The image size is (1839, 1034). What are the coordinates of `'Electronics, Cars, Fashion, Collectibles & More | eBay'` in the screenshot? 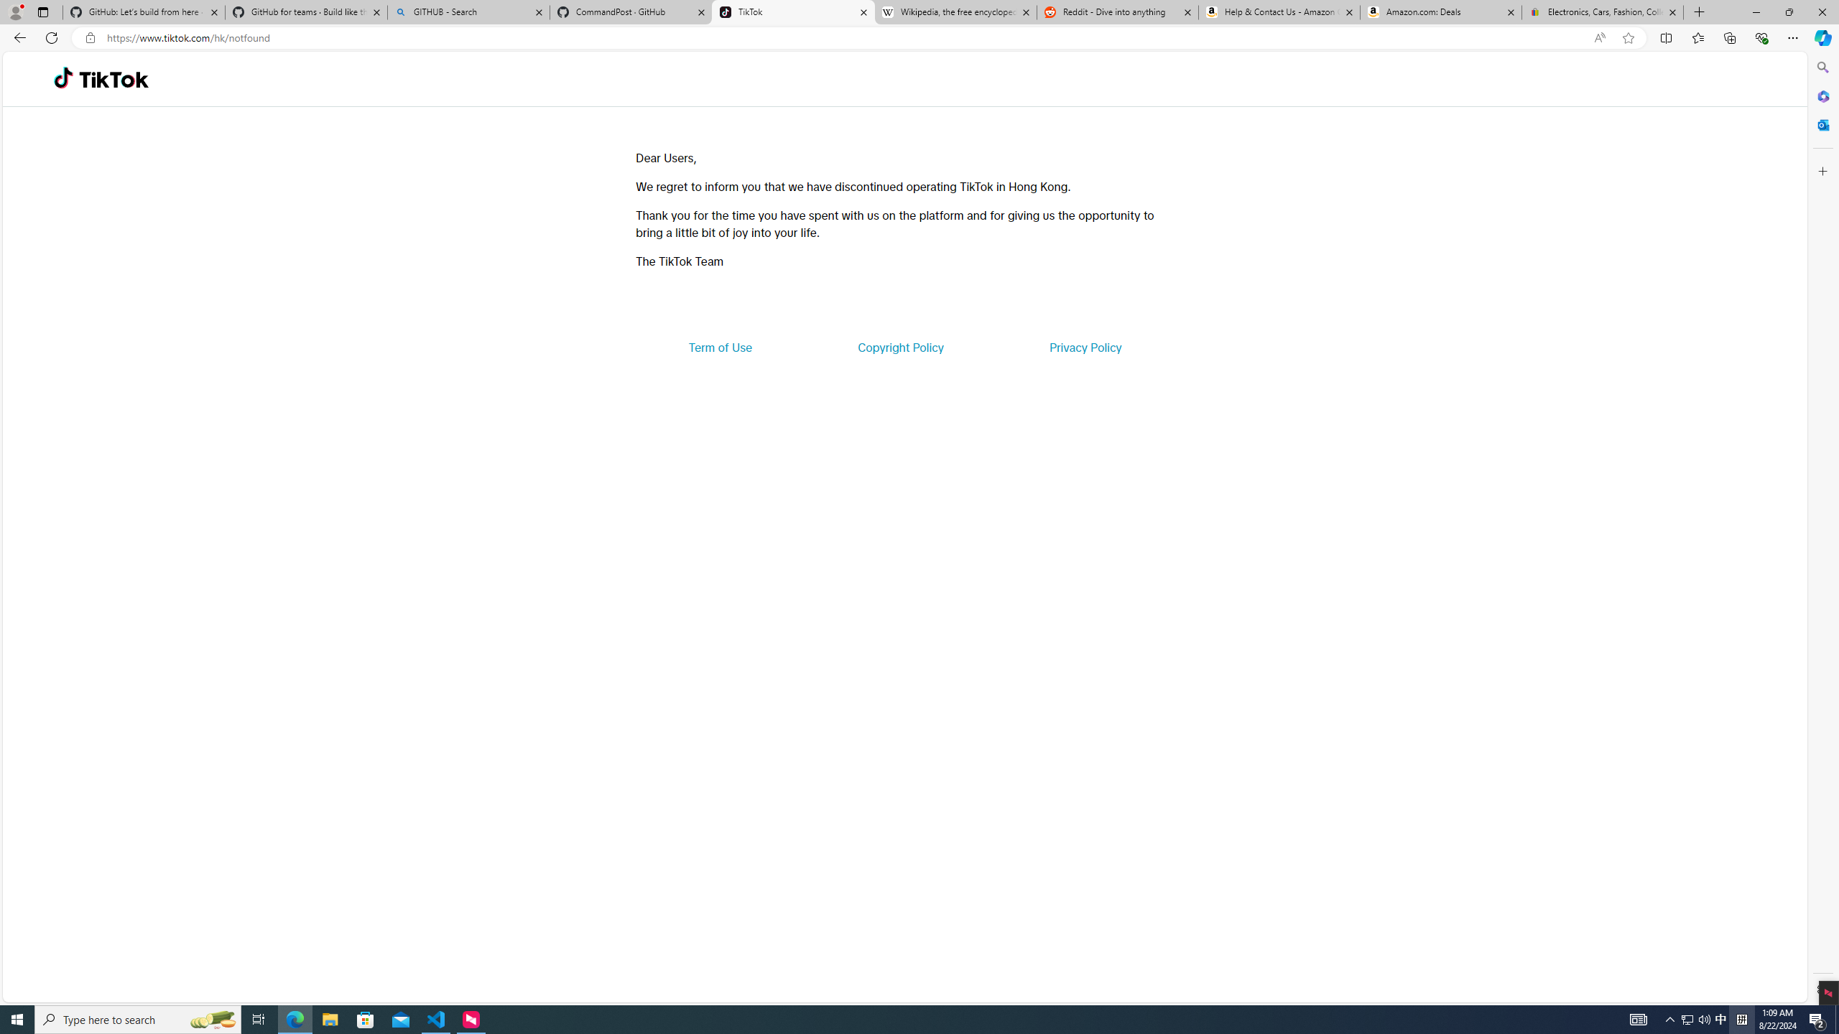 It's located at (1602, 11).